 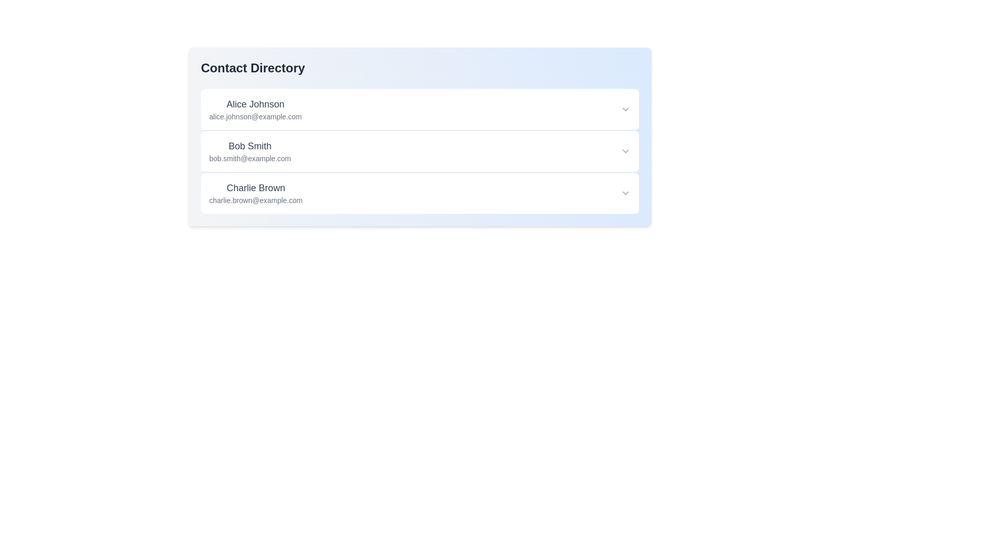 I want to click on the Text Label that indicates the name of the individual within the Contact Directory, positioned below 'Alice Johnson' and 'Bob Smith', and above 'charlie.brown@example.com', so click(x=256, y=188).